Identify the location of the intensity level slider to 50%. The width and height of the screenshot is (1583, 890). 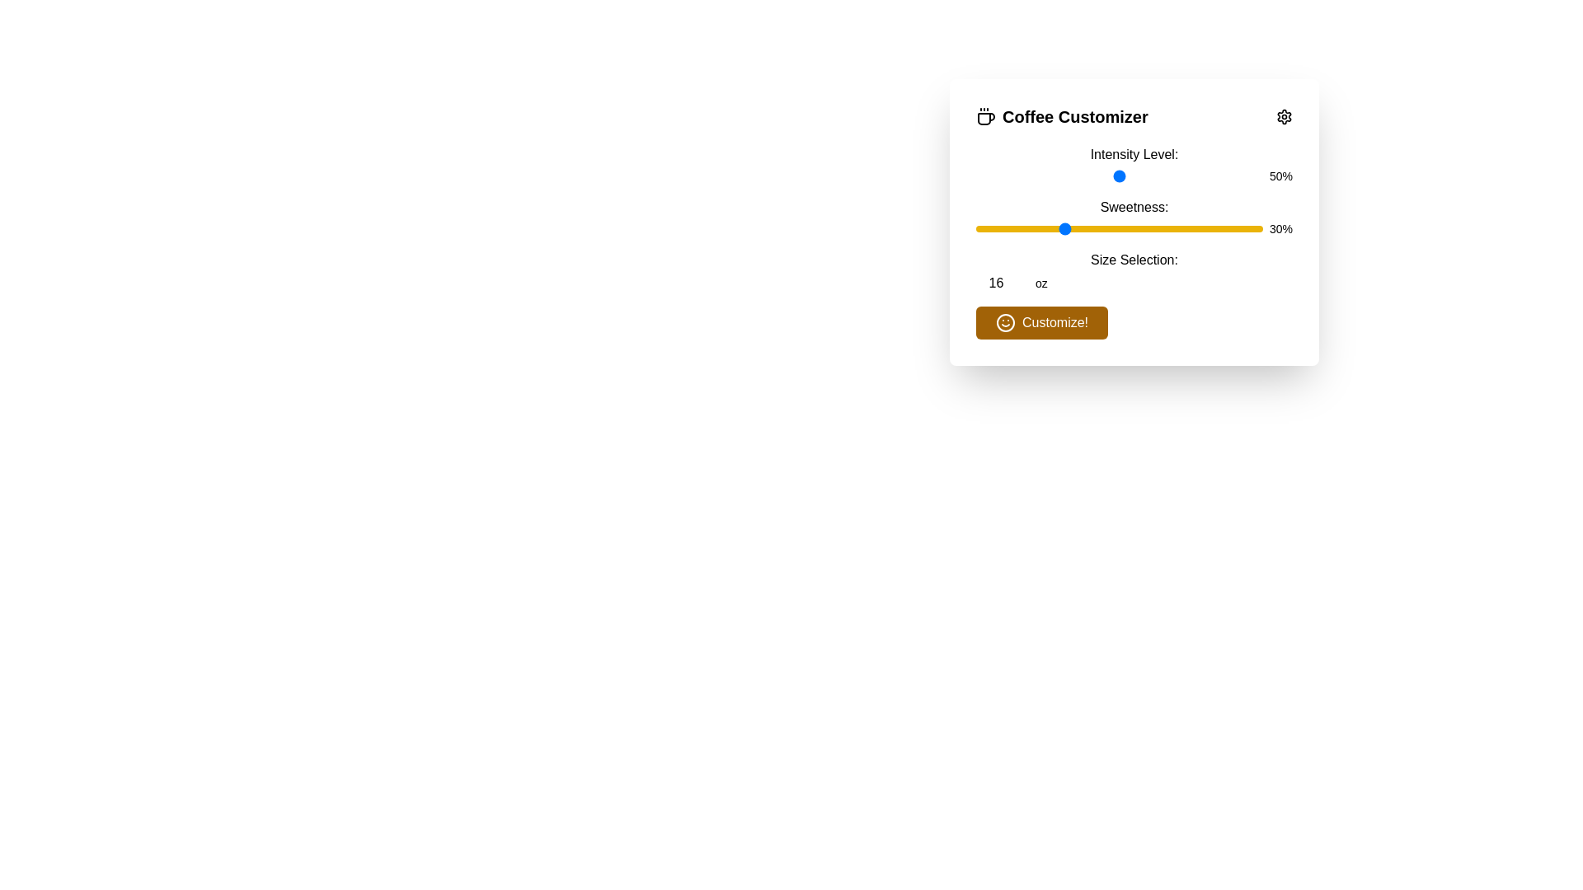
(1120, 176).